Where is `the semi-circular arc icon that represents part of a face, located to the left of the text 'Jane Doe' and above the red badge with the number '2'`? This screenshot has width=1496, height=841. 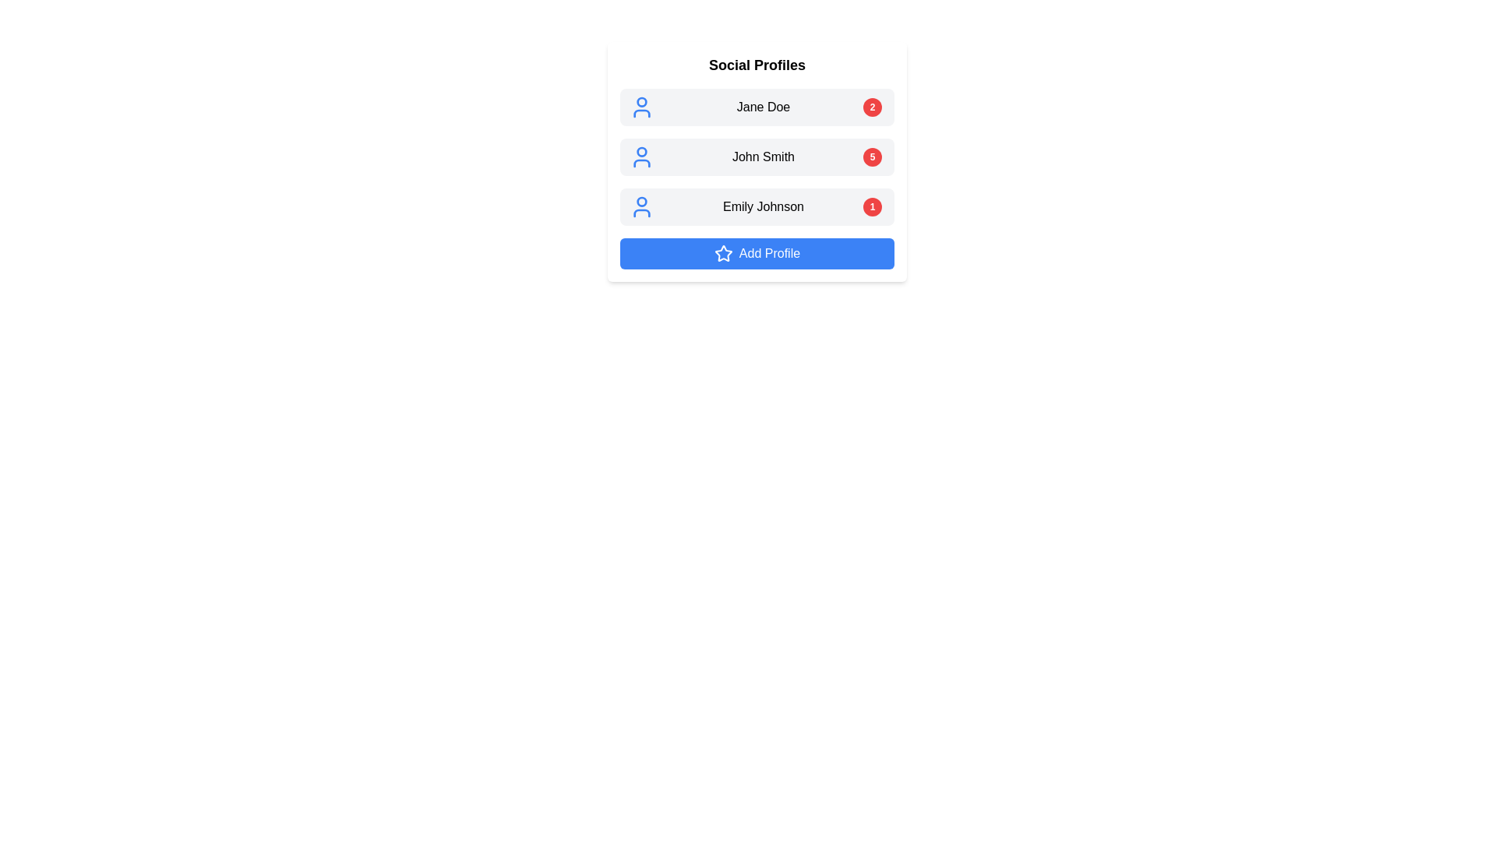 the semi-circular arc icon that represents part of a face, located to the left of the text 'Jane Doe' and above the red badge with the number '2' is located at coordinates (642, 113).